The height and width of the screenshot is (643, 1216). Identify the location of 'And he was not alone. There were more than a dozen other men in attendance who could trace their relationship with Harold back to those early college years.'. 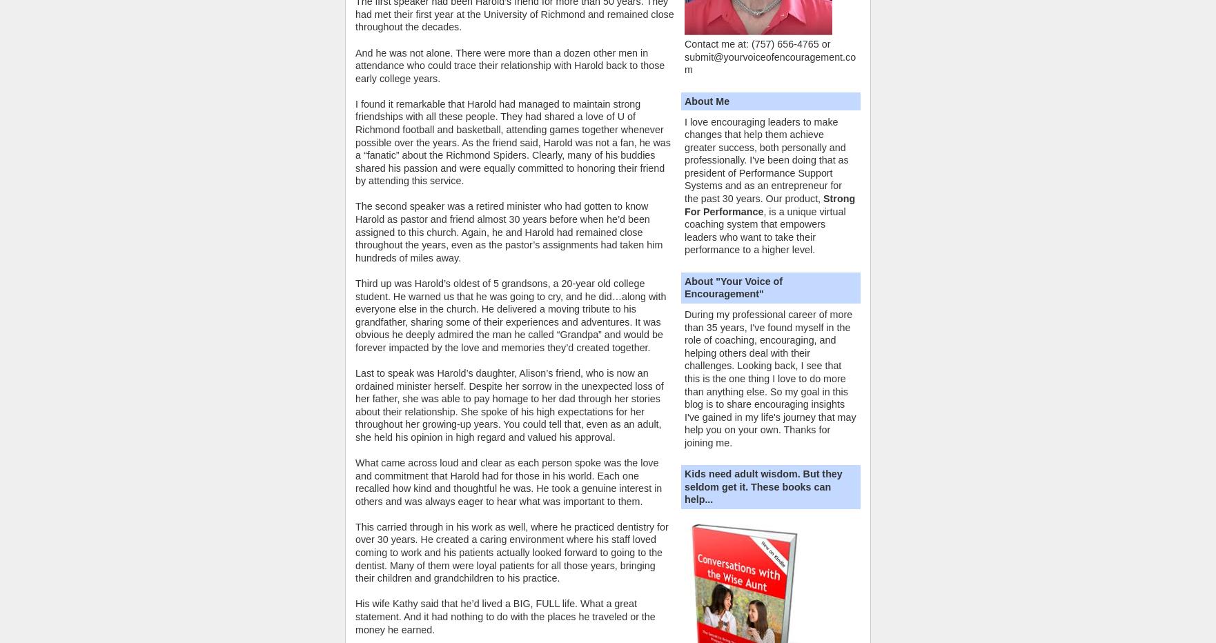
(509, 65).